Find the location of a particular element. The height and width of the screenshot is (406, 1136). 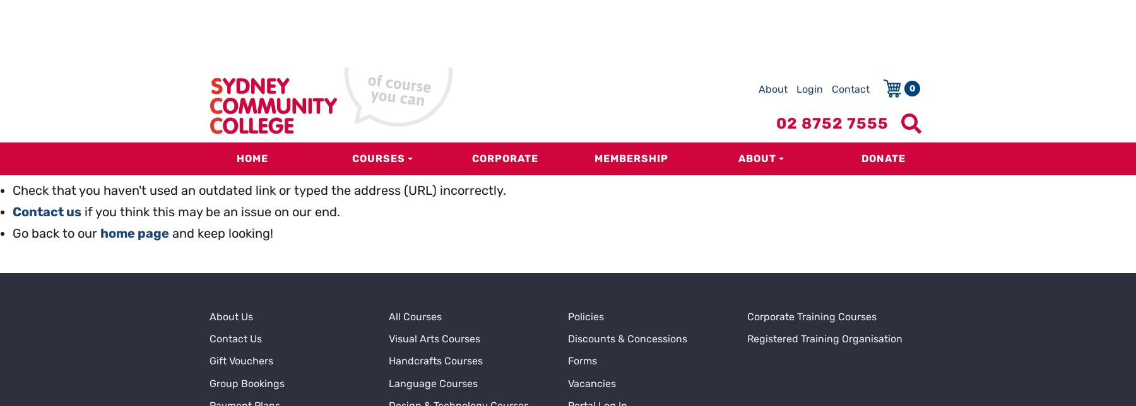

'Personal & Career Development Courses' is located at coordinates (463, 345).